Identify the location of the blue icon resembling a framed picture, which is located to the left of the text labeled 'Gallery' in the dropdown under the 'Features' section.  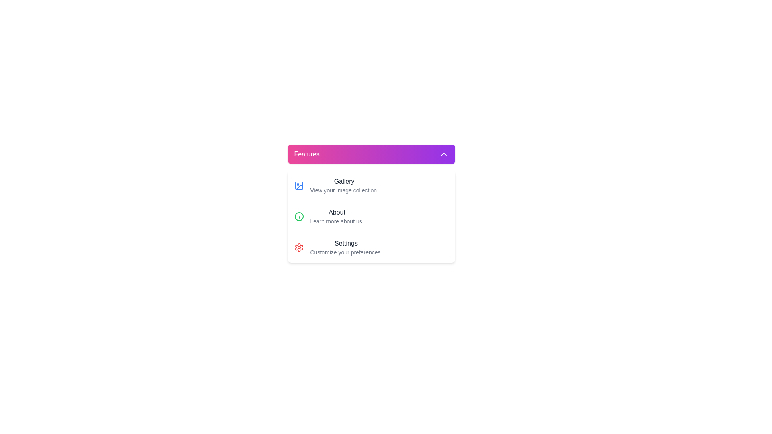
(298, 186).